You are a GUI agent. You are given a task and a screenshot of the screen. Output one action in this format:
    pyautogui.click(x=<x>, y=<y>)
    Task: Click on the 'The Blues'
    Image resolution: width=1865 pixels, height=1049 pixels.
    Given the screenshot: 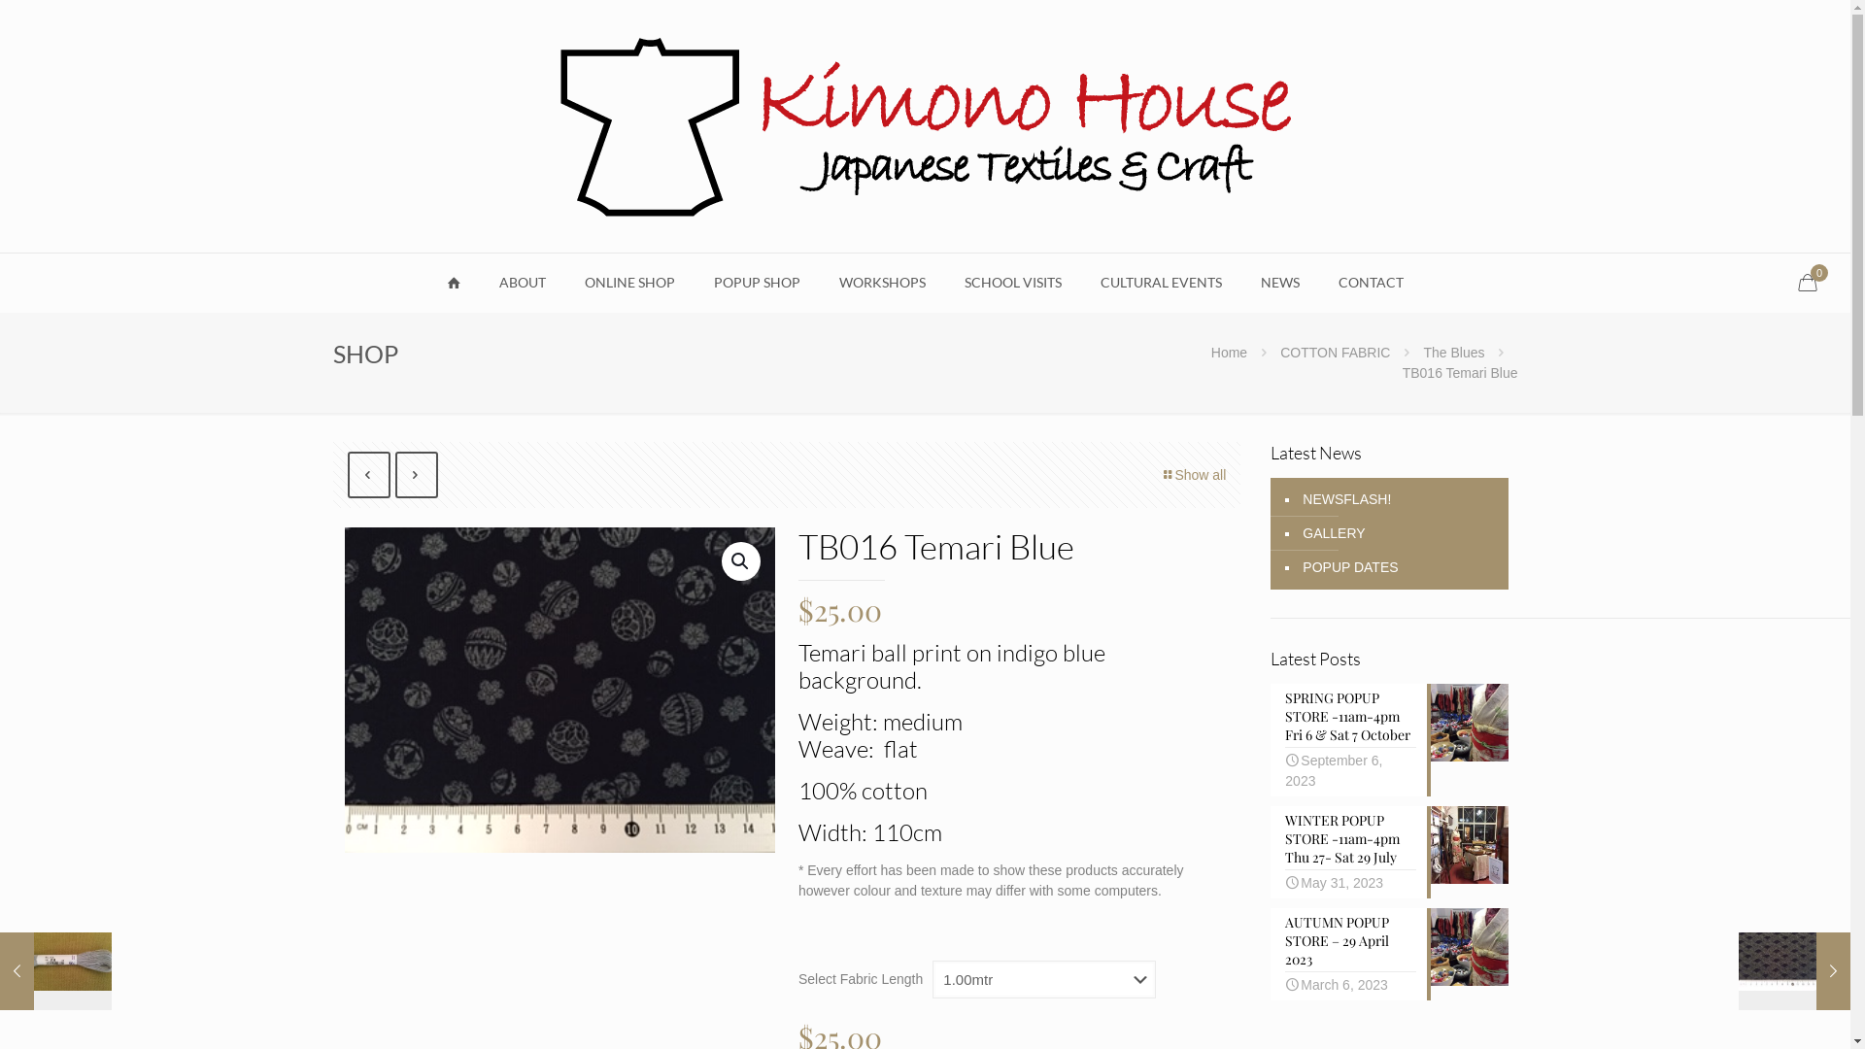 What is the action you would take?
    pyautogui.click(x=1453, y=352)
    